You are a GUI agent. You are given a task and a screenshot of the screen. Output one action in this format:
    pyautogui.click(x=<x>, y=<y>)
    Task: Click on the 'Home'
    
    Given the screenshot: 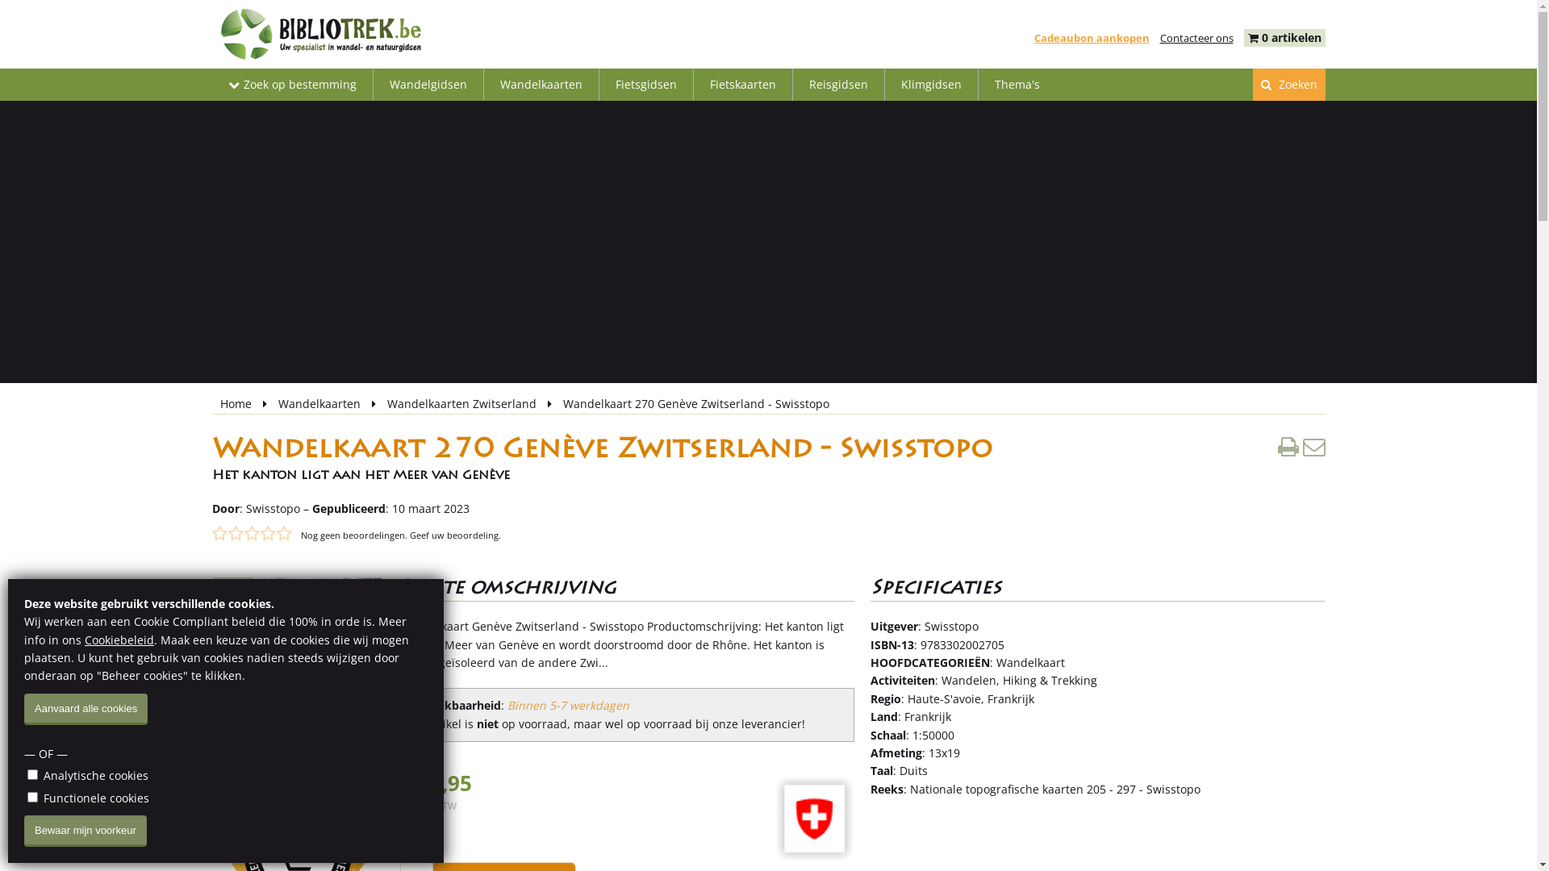 What is the action you would take?
    pyautogui.click(x=236, y=402)
    